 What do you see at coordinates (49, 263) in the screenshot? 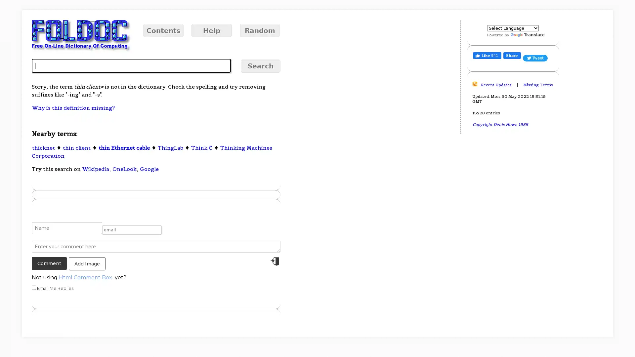
I see `Comment` at bounding box center [49, 263].